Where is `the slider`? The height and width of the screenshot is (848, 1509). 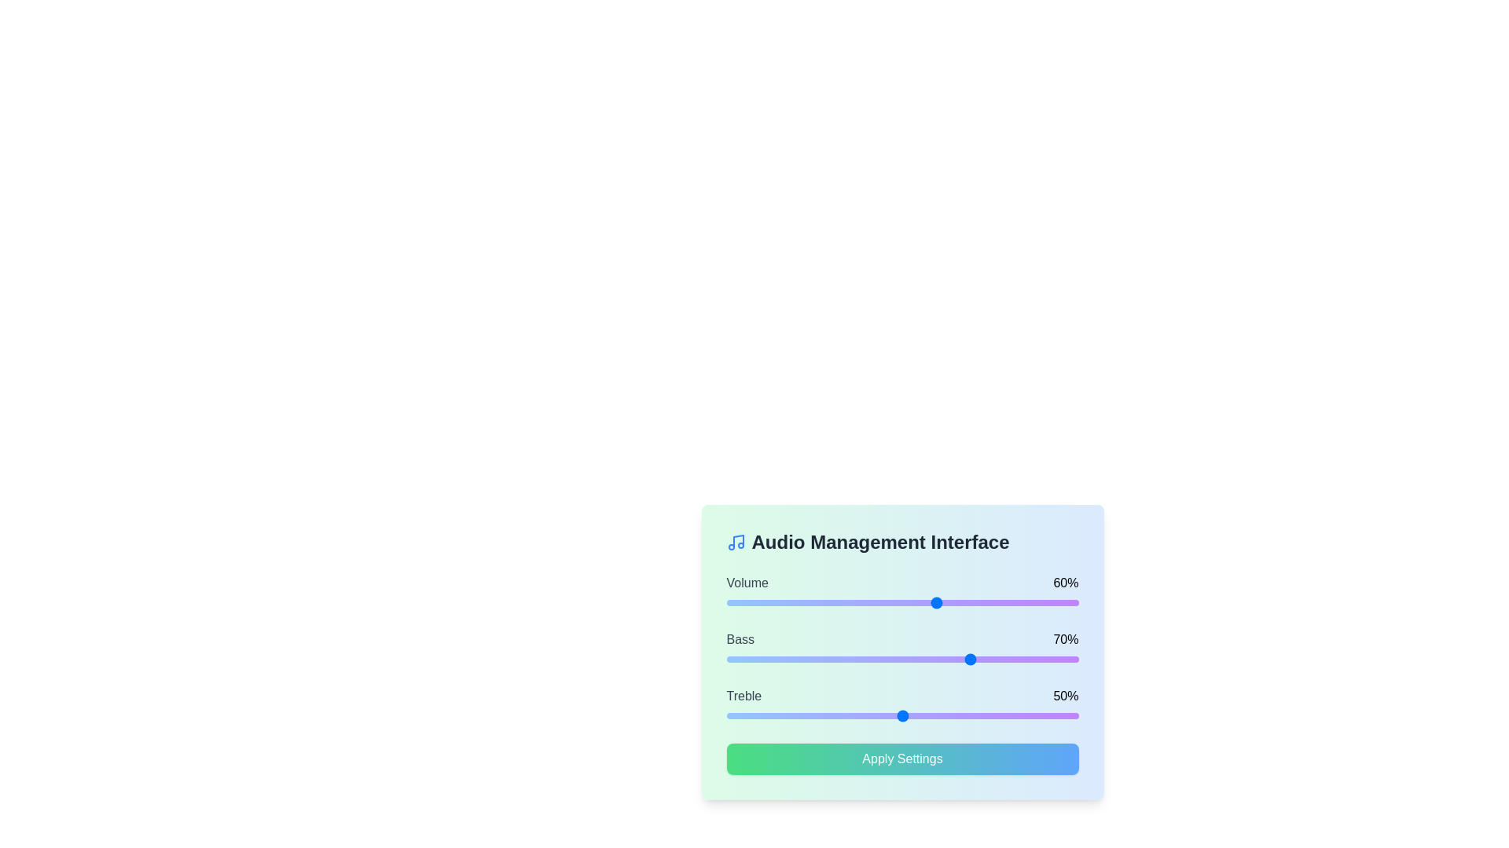
the slider is located at coordinates (845, 660).